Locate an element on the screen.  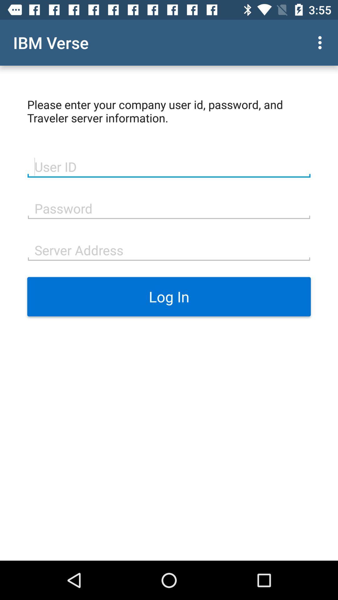
the log in icon is located at coordinates (169, 296).